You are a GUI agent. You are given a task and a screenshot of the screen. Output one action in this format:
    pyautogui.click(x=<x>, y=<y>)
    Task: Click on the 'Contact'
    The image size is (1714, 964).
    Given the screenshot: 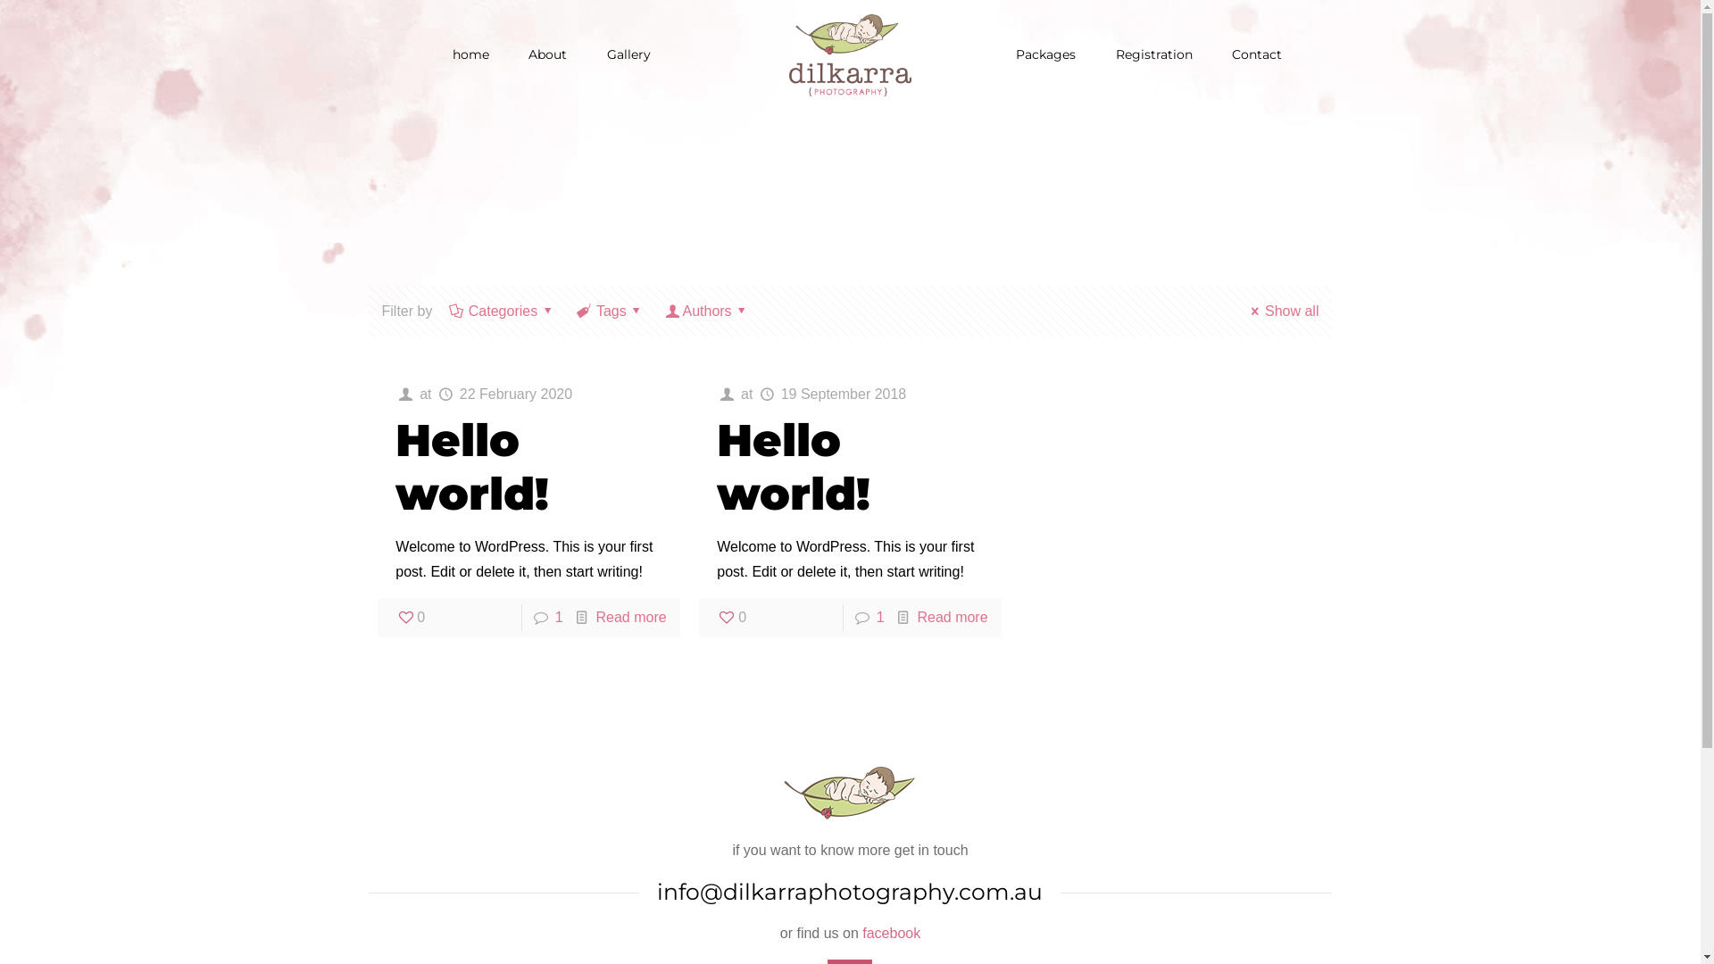 What is the action you would take?
    pyautogui.click(x=1255, y=54)
    